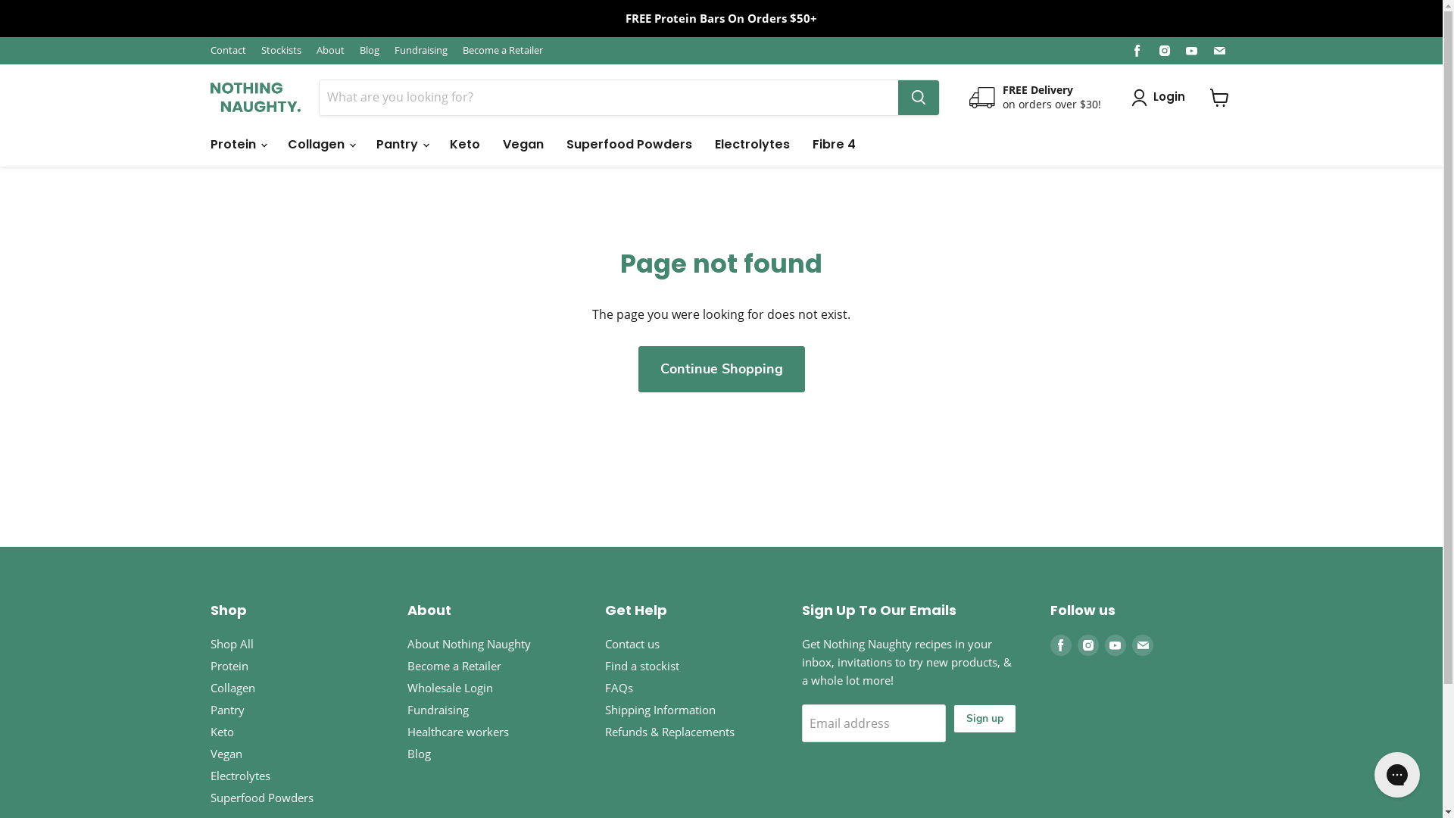 The height and width of the screenshot is (818, 1454). Describe the element at coordinates (239, 775) in the screenshot. I see `'Electrolytes'` at that location.